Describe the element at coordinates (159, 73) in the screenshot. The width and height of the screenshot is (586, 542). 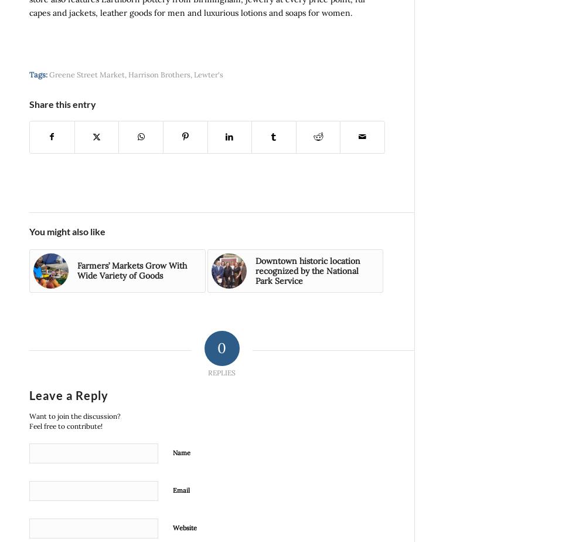
I see `'Harrison Brothers'` at that location.